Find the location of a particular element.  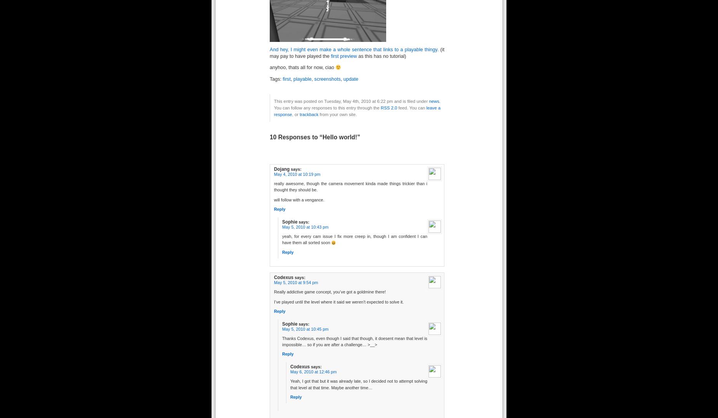

'news' is located at coordinates (428, 100).